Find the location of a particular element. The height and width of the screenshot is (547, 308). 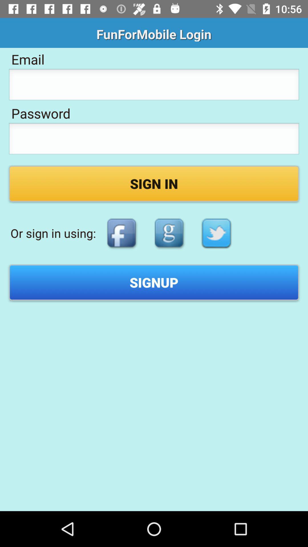

item below sign in item is located at coordinates (169, 233).